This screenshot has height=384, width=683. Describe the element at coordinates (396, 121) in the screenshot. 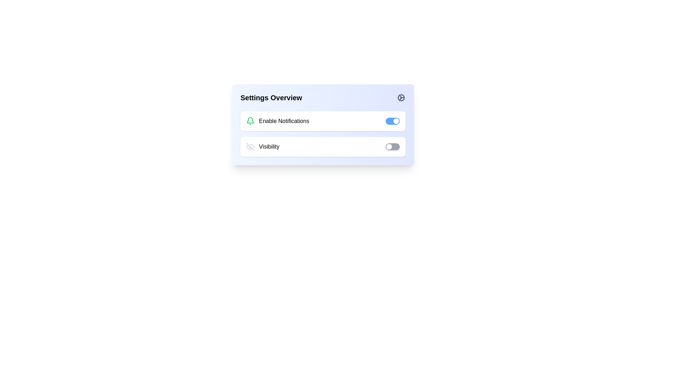

I see `the toggle handle of the switch located at the right end of the toggle switch for 'Enable Notifications' in the 'Settings Overview' section` at that location.